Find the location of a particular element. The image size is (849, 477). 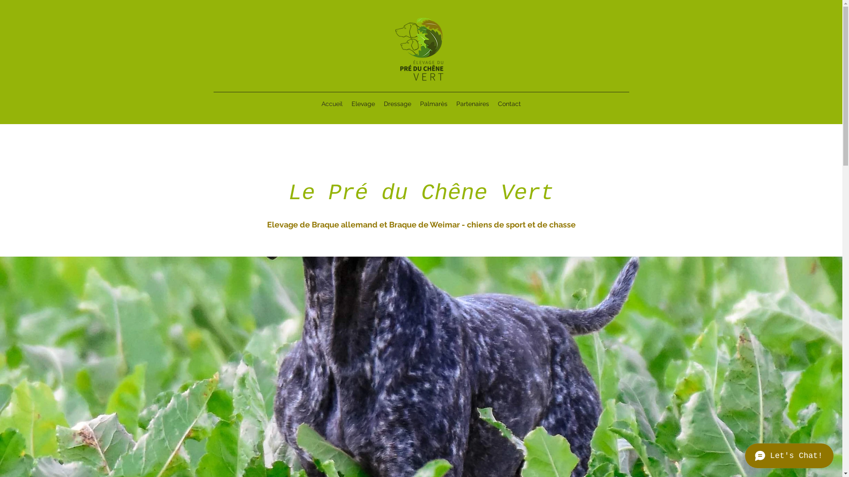

'Accueil' is located at coordinates (331, 103).